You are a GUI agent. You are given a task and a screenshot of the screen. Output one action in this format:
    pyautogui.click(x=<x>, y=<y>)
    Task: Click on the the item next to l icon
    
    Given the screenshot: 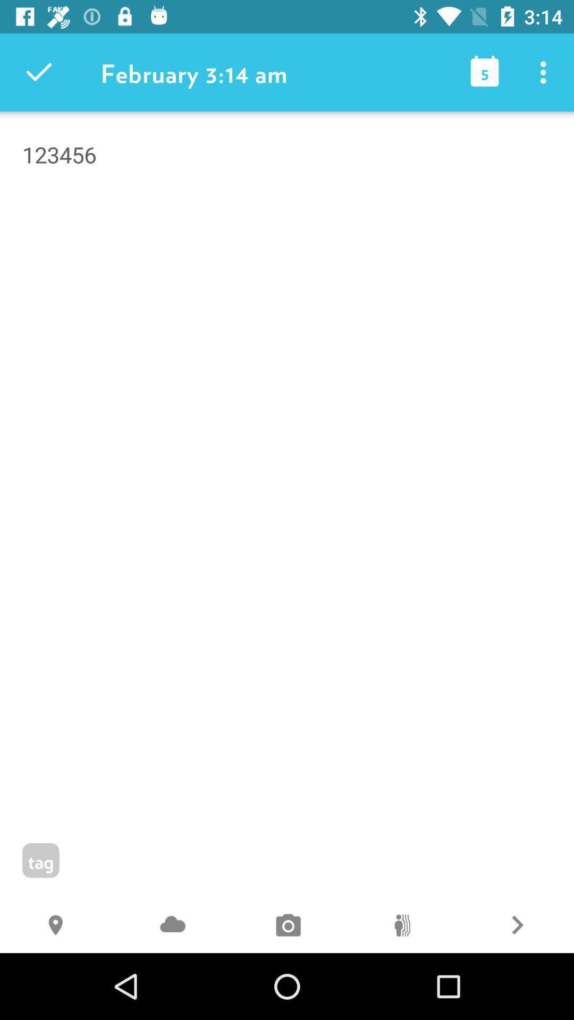 What is the action you would take?
    pyautogui.click(x=172, y=926)
    